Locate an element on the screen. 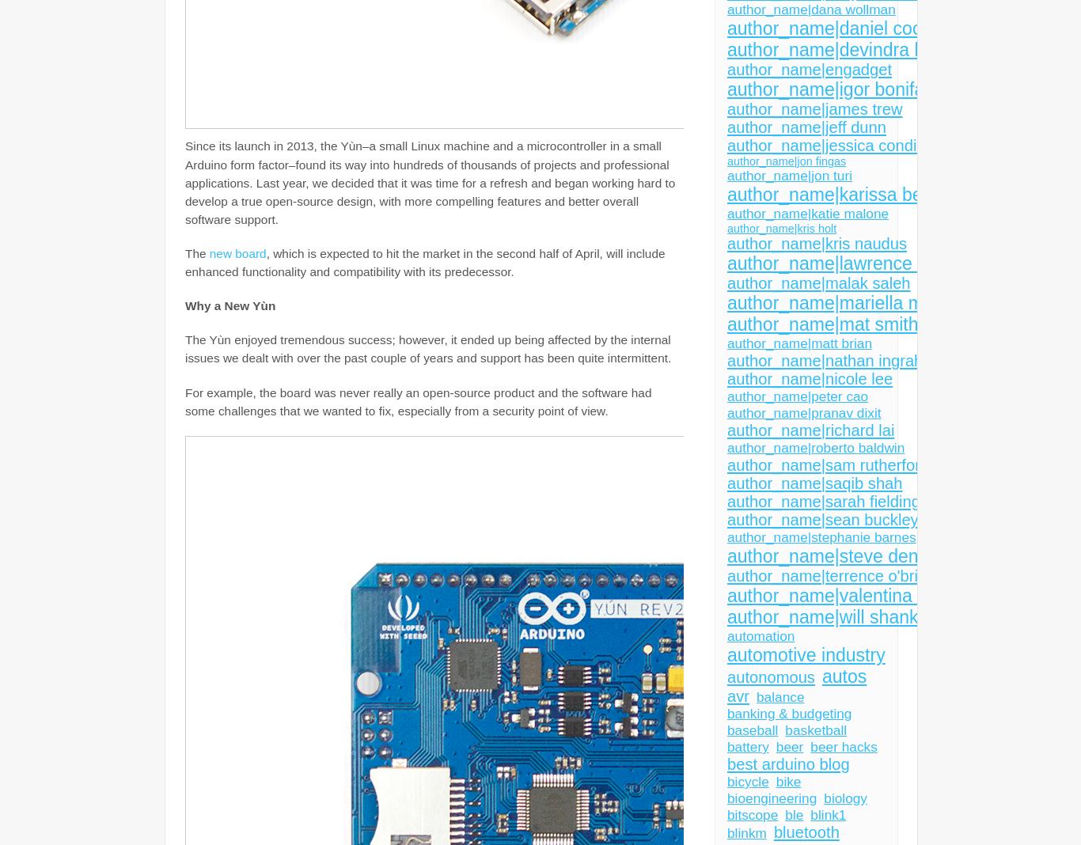  'author_name|jessica conditt' is located at coordinates (825, 146).